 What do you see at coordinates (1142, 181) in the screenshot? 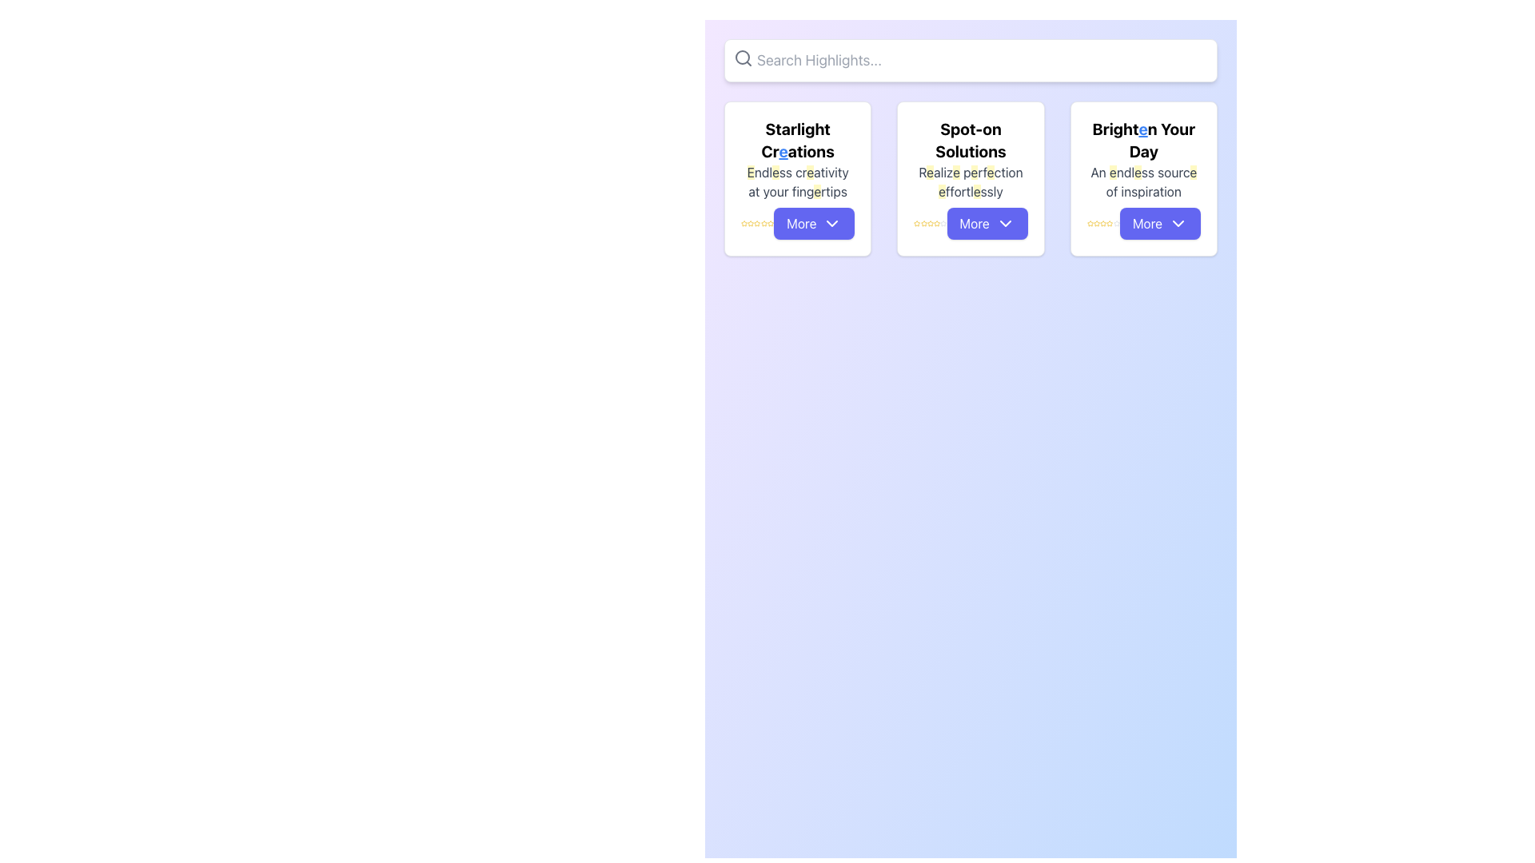
I see `the static text displaying 'An endless source of inspiration' which is highlighted in yellow, located below the header 'Brighten Your Day' in the third card of a set of three cards` at bounding box center [1142, 181].